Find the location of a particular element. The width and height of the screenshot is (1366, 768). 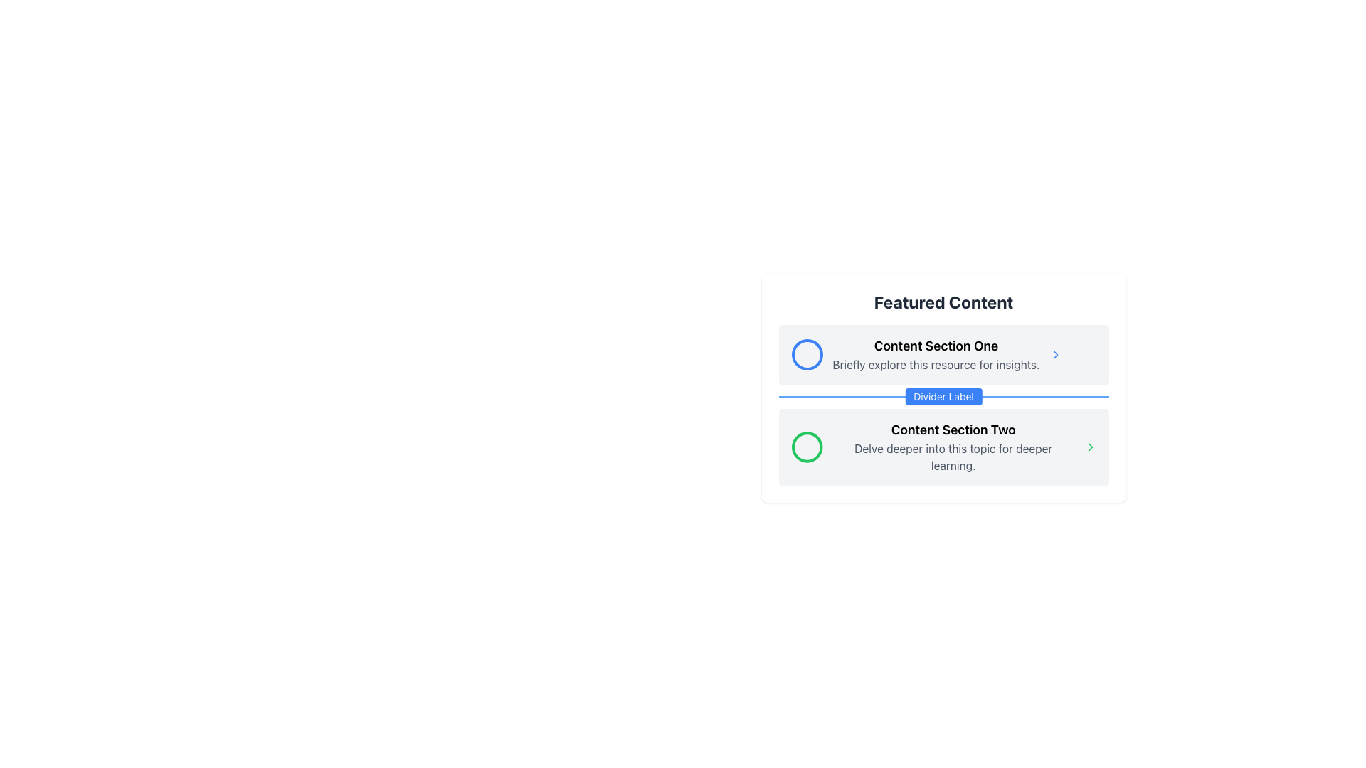

the Button-like Content Section with the title 'Content Section One' is located at coordinates (943, 353).